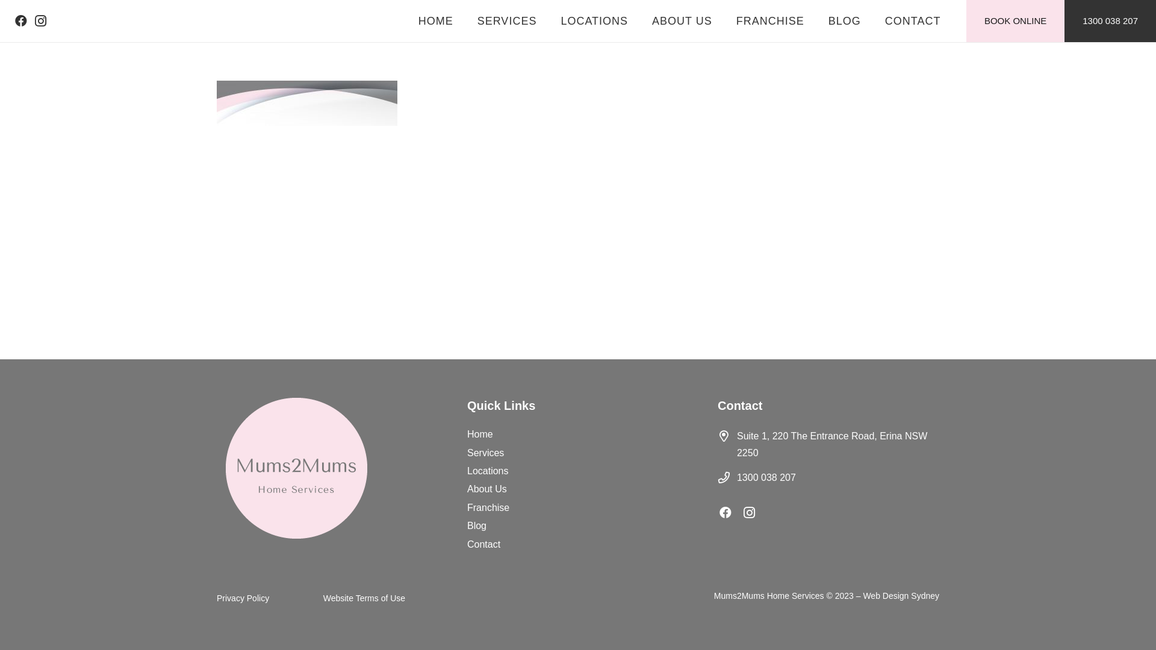 Image resolution: width=1156 pixels, height=650 pixels. What do you see at coordinates (487, 489) in the screenshot?
I see `'About Us'` at bounding box center [487, 489].